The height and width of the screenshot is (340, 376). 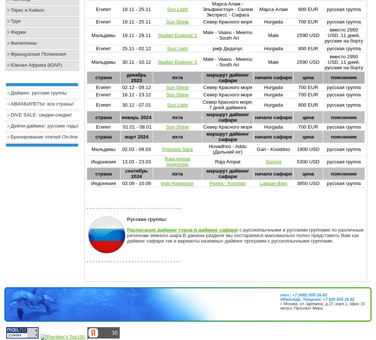 I want to click on '5300 USD', so click(x=307, y=161).